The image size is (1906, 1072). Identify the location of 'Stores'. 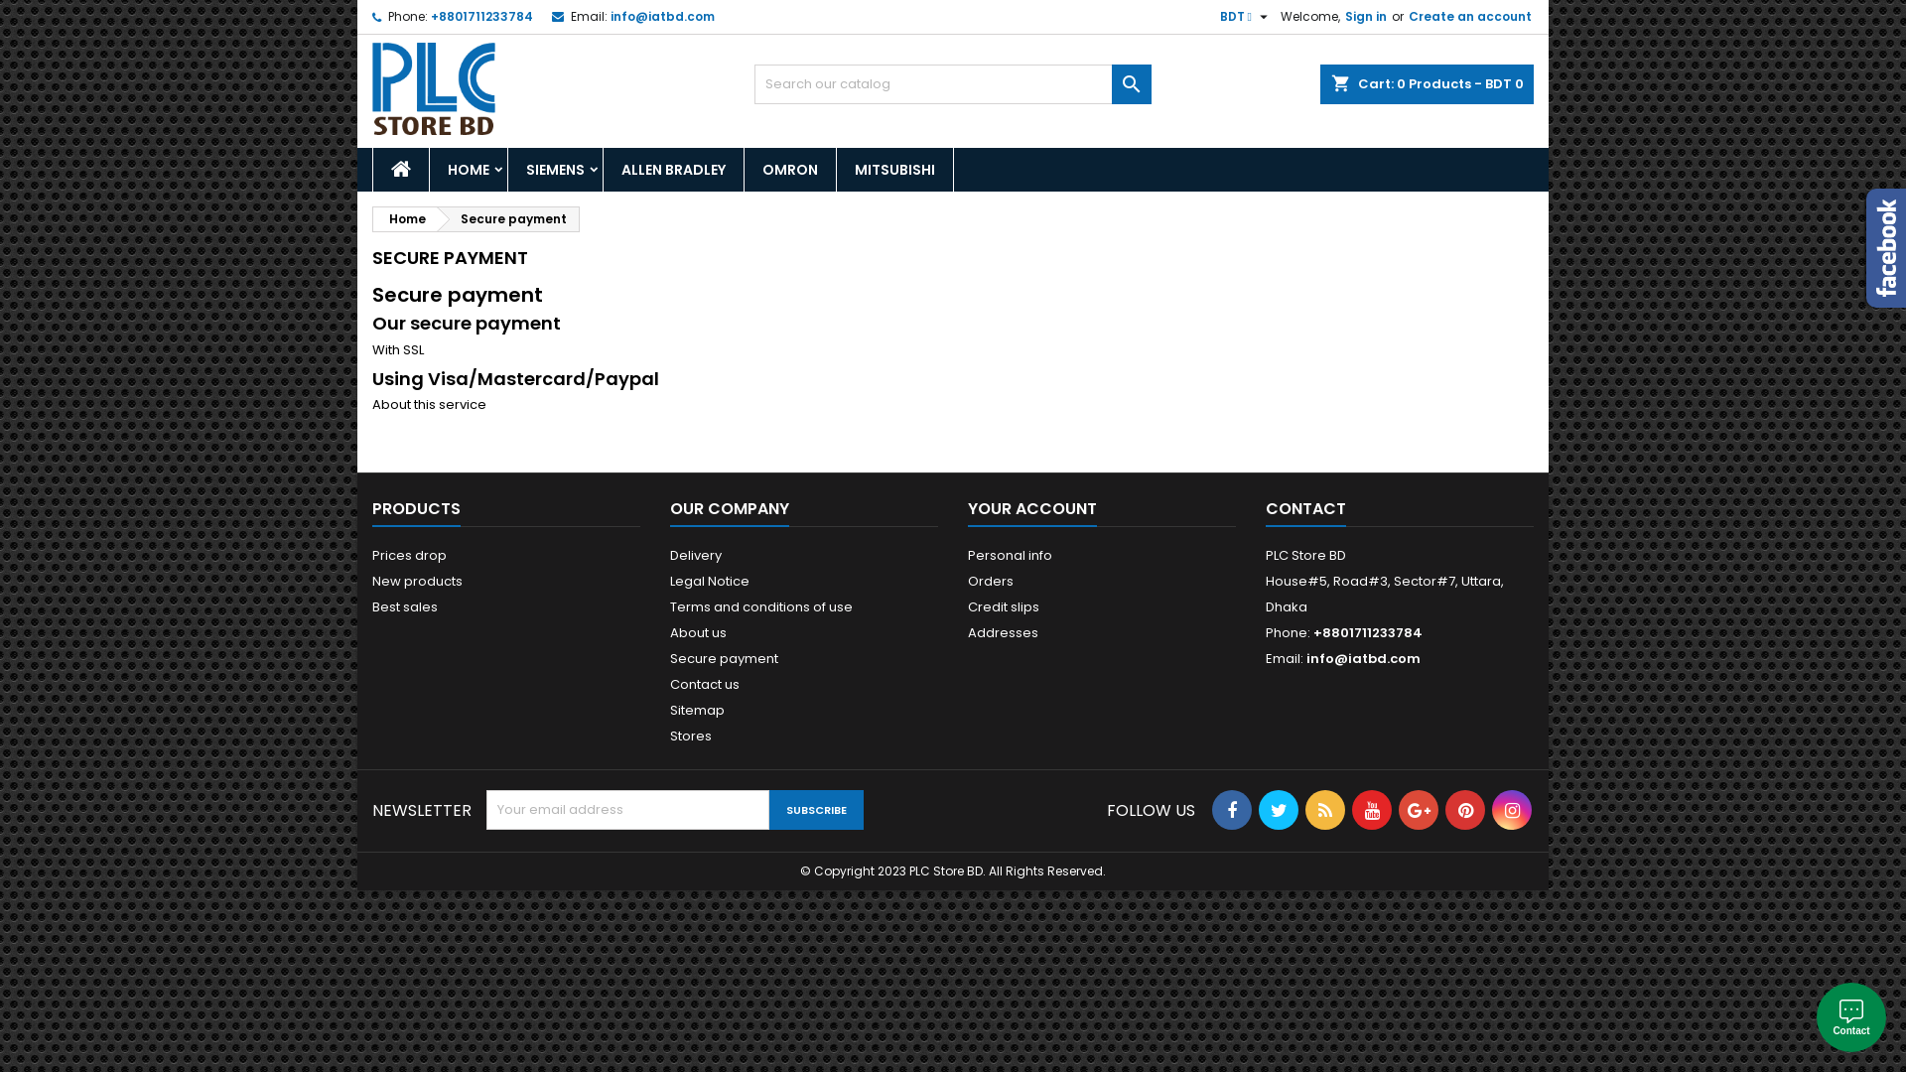
(691, 736).